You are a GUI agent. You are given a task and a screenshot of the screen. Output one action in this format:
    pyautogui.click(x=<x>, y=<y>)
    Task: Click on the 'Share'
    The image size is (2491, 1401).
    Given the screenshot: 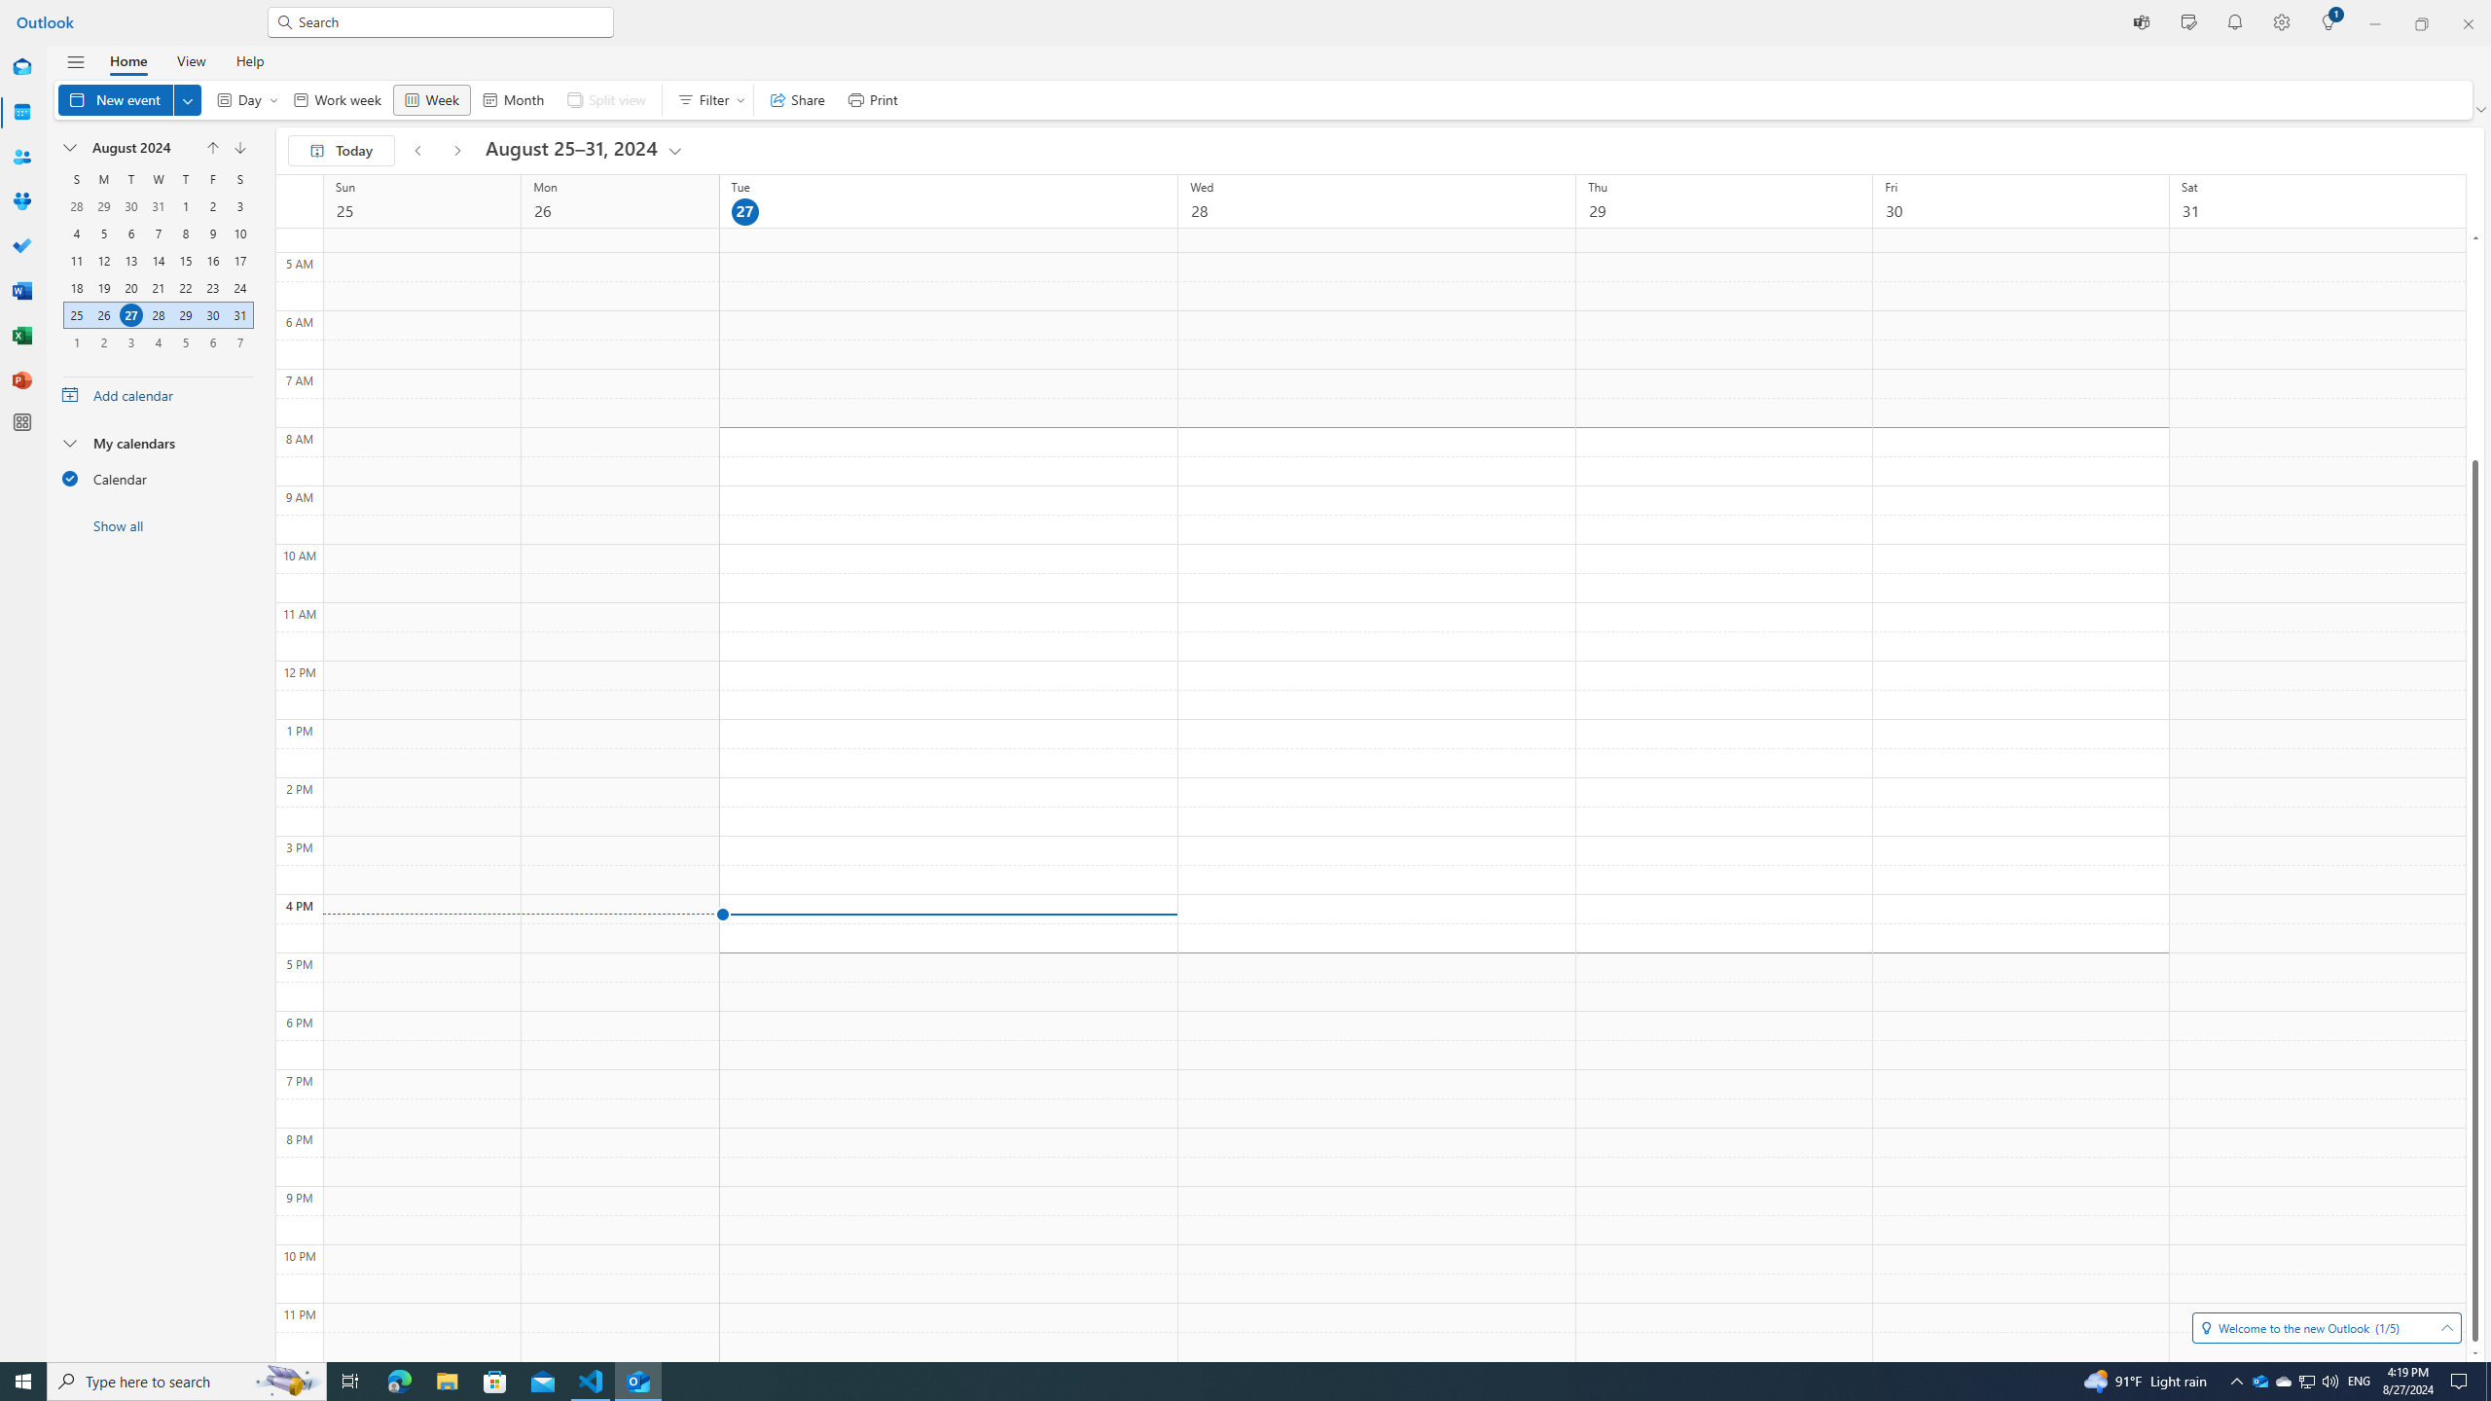 What is the action you would take?
    pyautogui.click(x=797, y=99)
    